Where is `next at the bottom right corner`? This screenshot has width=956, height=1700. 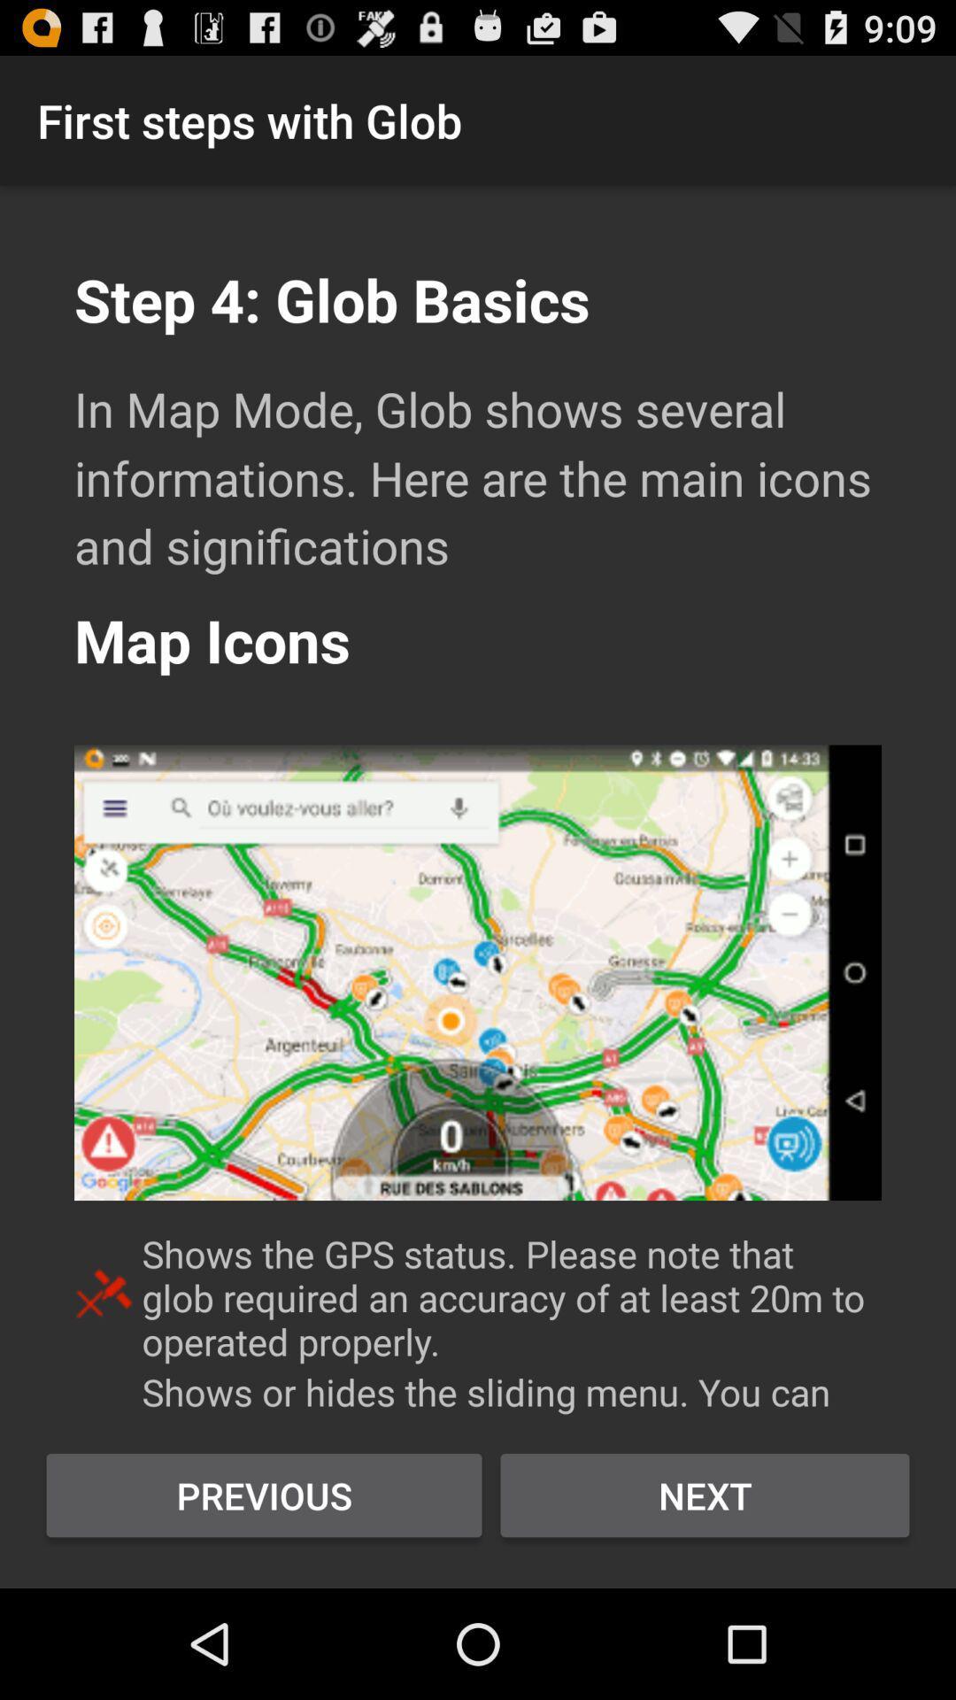 next at the bottom right corner is located at coordinates (704, 1495).